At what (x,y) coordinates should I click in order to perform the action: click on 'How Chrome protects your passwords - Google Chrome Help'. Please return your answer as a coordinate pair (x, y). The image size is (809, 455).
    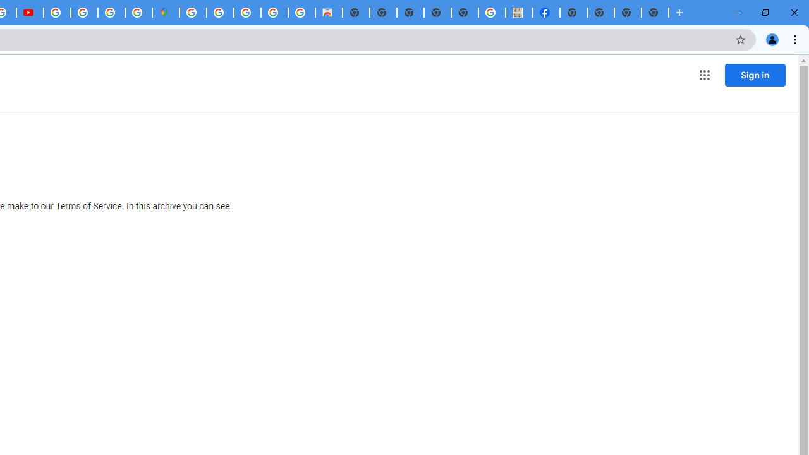
    Looking at the image, I should click on (56, 13).